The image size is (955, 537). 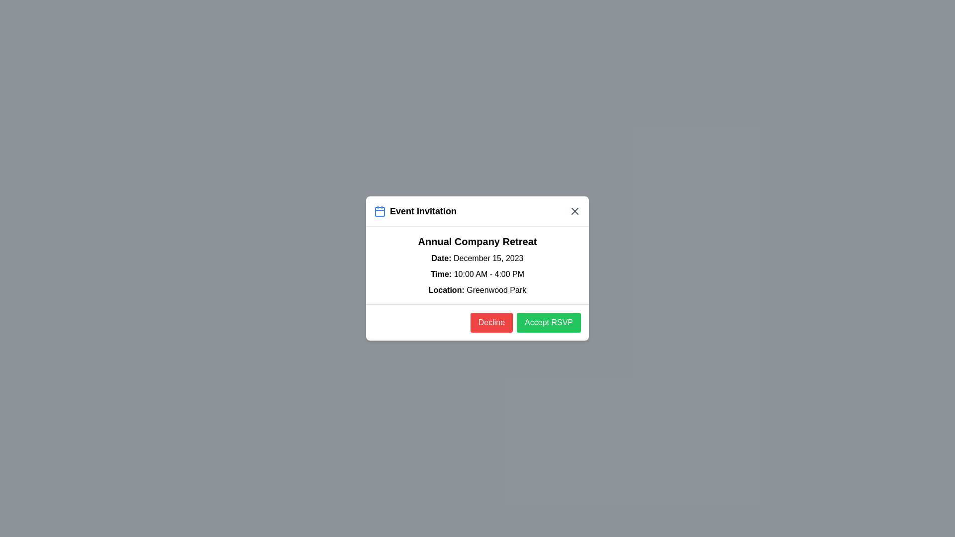 What do you see at coordinates (442, 274) in the screenshot?
I see `the static text label 'Time:' in bold black font located in the middle panel of the 'Event Invitation' modal` at bounding box center [442, 274].